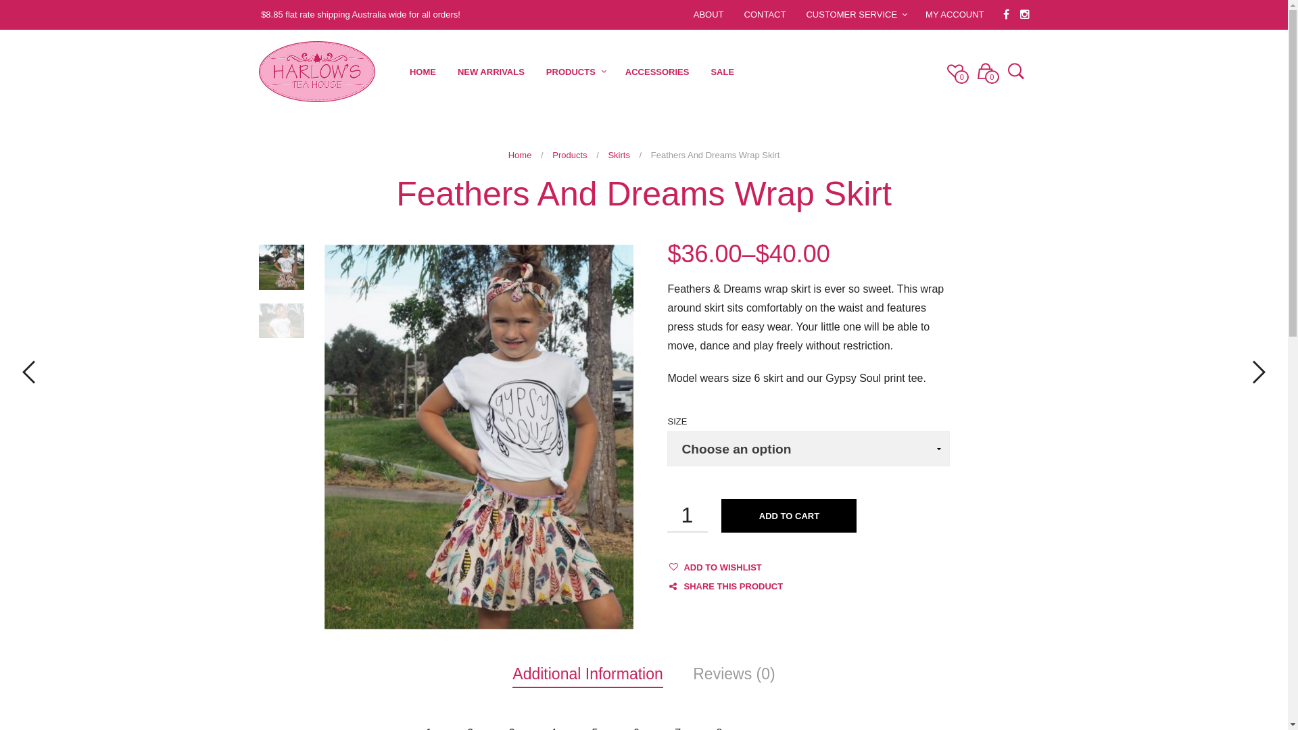 This screenshot has width=1298, height=730. Describe the element at coordinates (850, 14) in the screenshot. I see `'CUSTOMER SERVICE'` at that location.